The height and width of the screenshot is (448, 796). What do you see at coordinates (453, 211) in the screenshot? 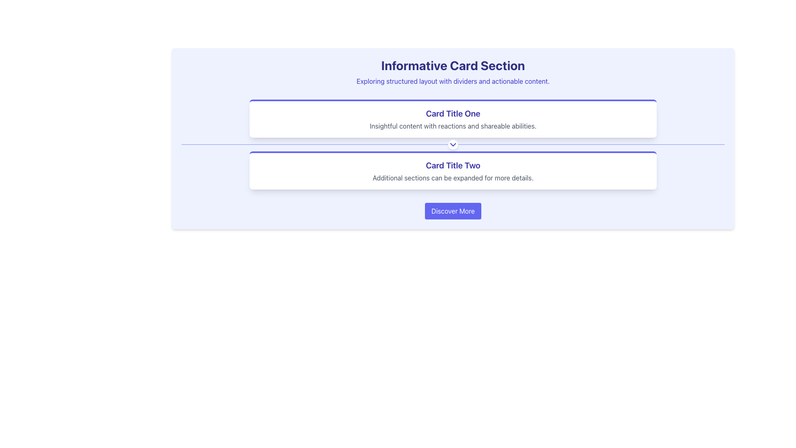
I see `the 'Discover More' button` at bounding box center [453, 211].